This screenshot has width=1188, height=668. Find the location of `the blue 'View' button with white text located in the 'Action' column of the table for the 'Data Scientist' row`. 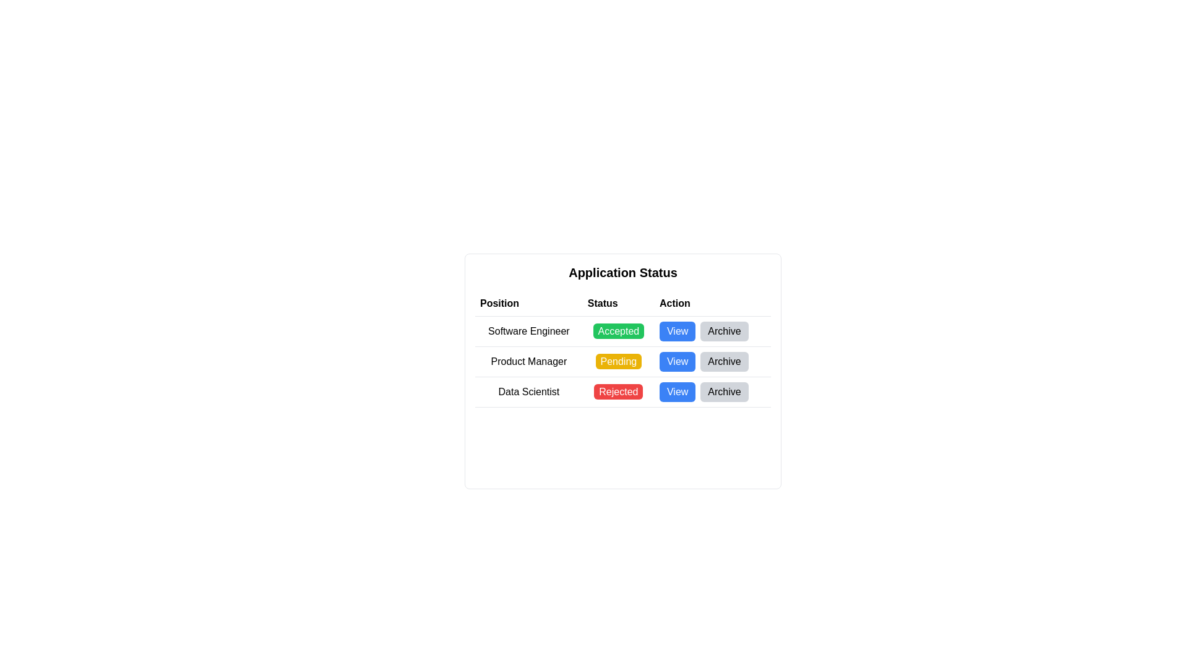

the blue 'View' button with white text located in the 'Action' column of the table for the 'Data Scientist' row is located at coordinates (676, 392).